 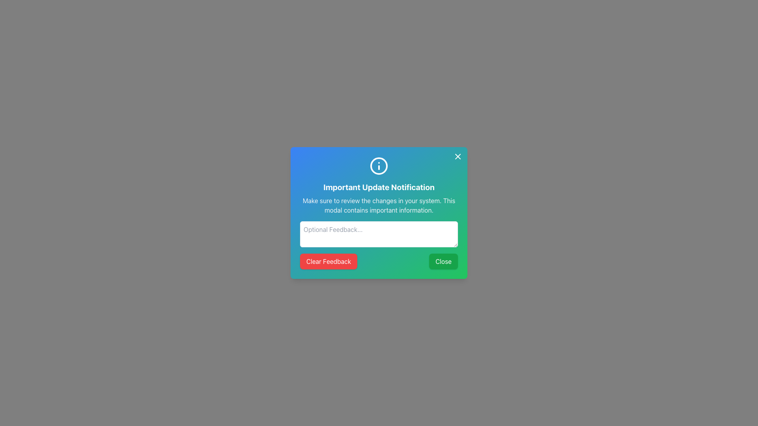 I want to click on the close button located in the top-right corner of the modal dialog to trigger a visual change, so click(x=458, y=157).